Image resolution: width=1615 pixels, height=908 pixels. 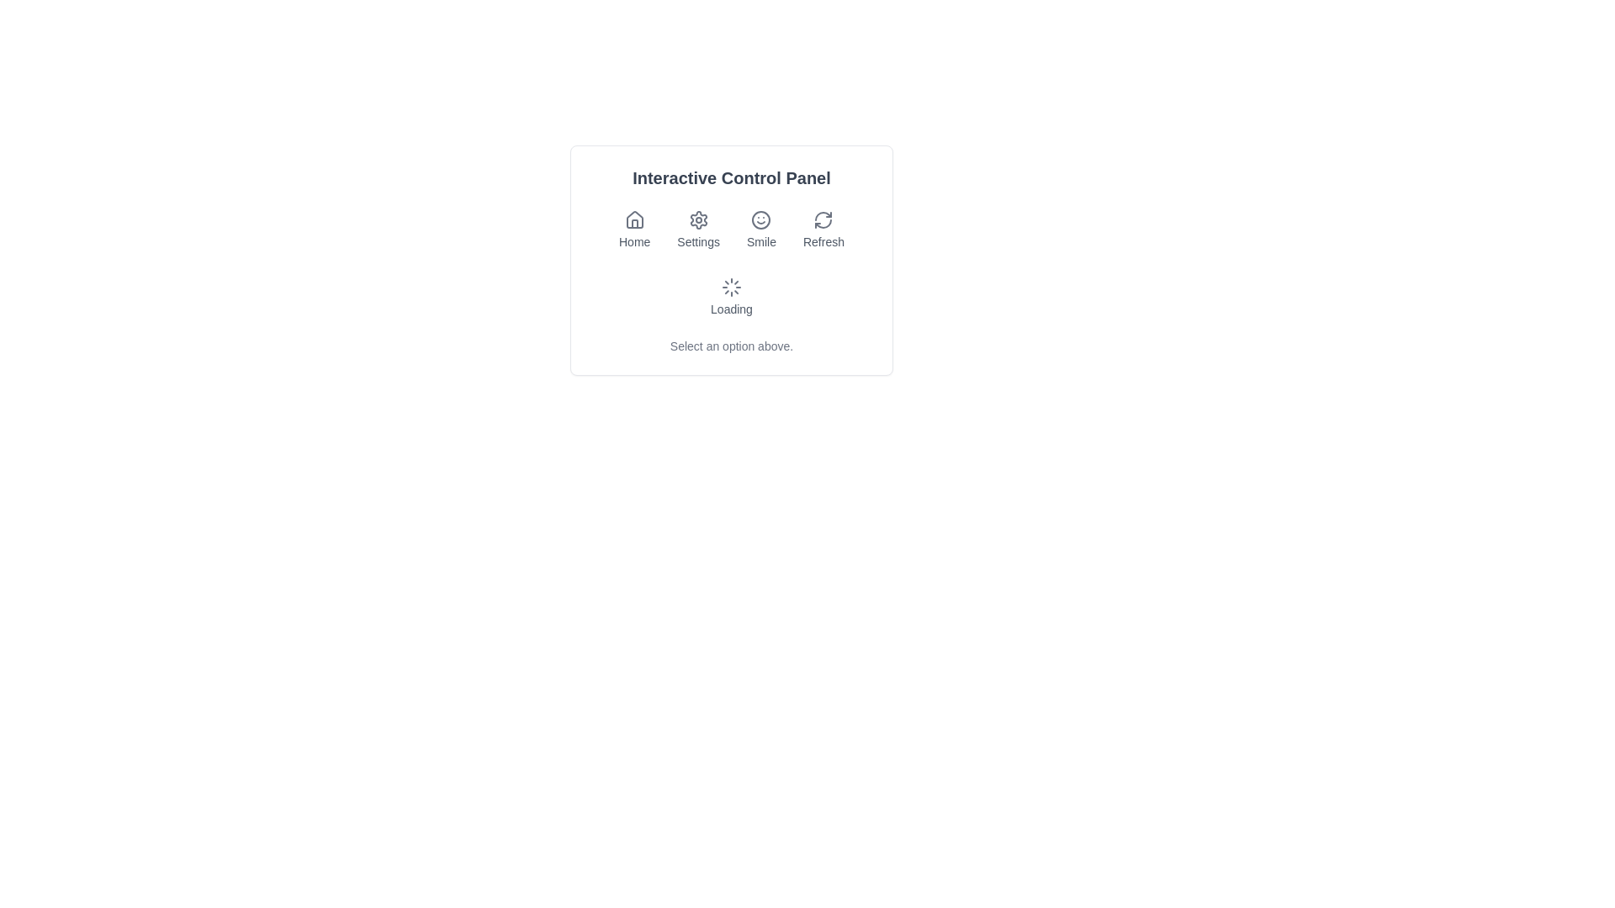 I want to click on the second button from the left in the 'Interactive Control Panel', so click(x=698, y=230).